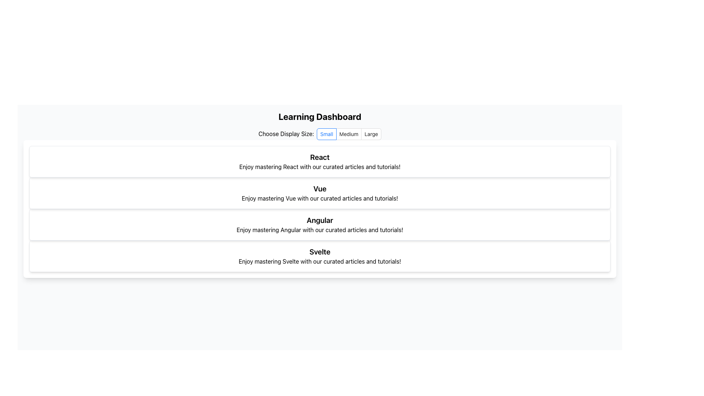 The image size is (704, 396). I want to click on to select or activate the first Information card related to React, which is positioned directly below the header section in a vertical grid layout, so click(320, 161).